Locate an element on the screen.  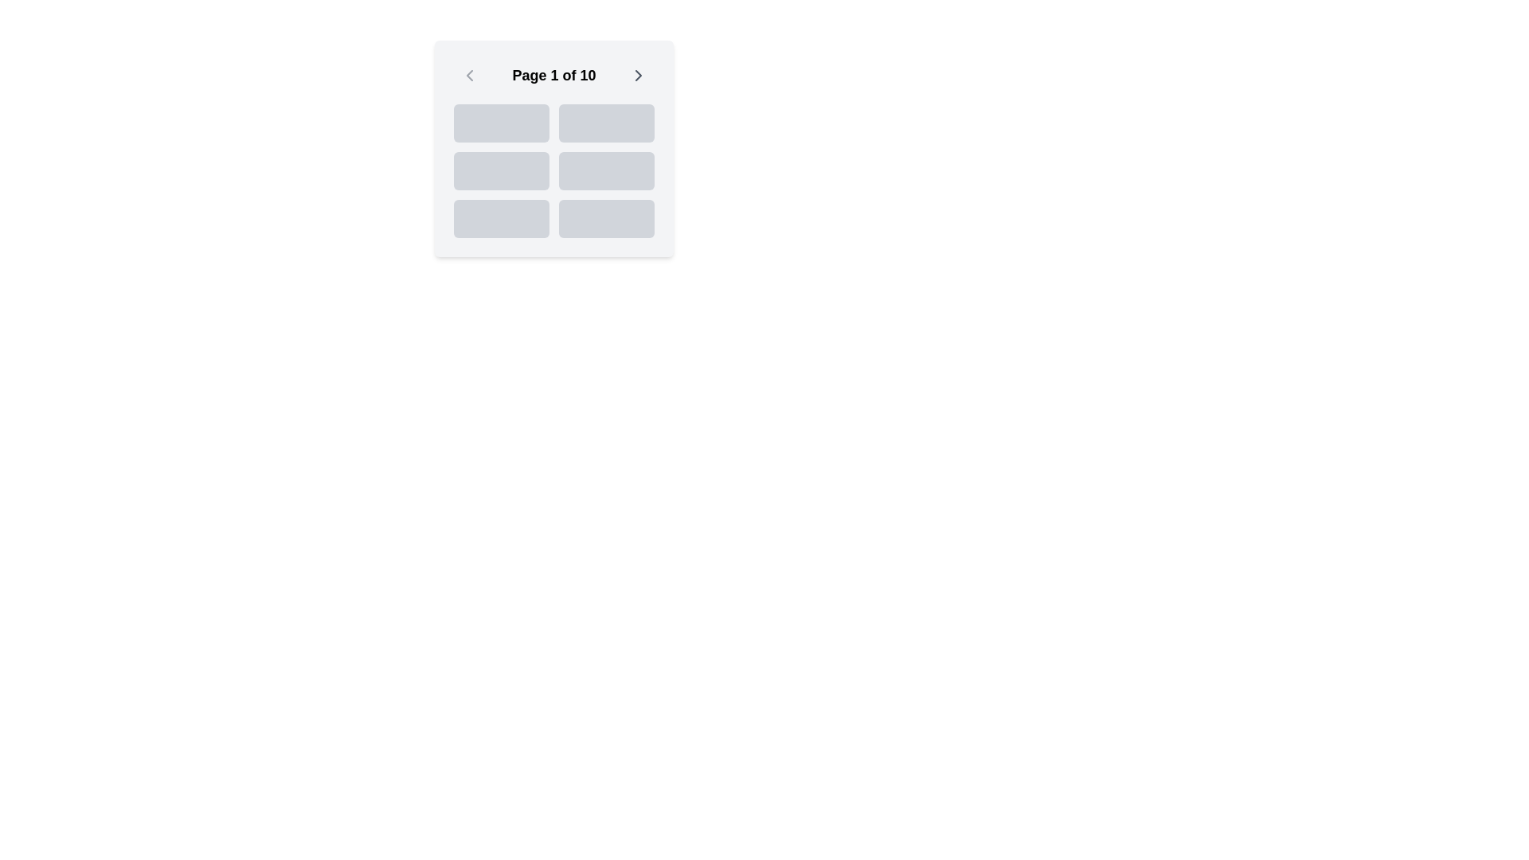
the gray button with a leftward chevron icon located immediately before the text 'Page 1 of 10' is located at coordinates (469, 76).